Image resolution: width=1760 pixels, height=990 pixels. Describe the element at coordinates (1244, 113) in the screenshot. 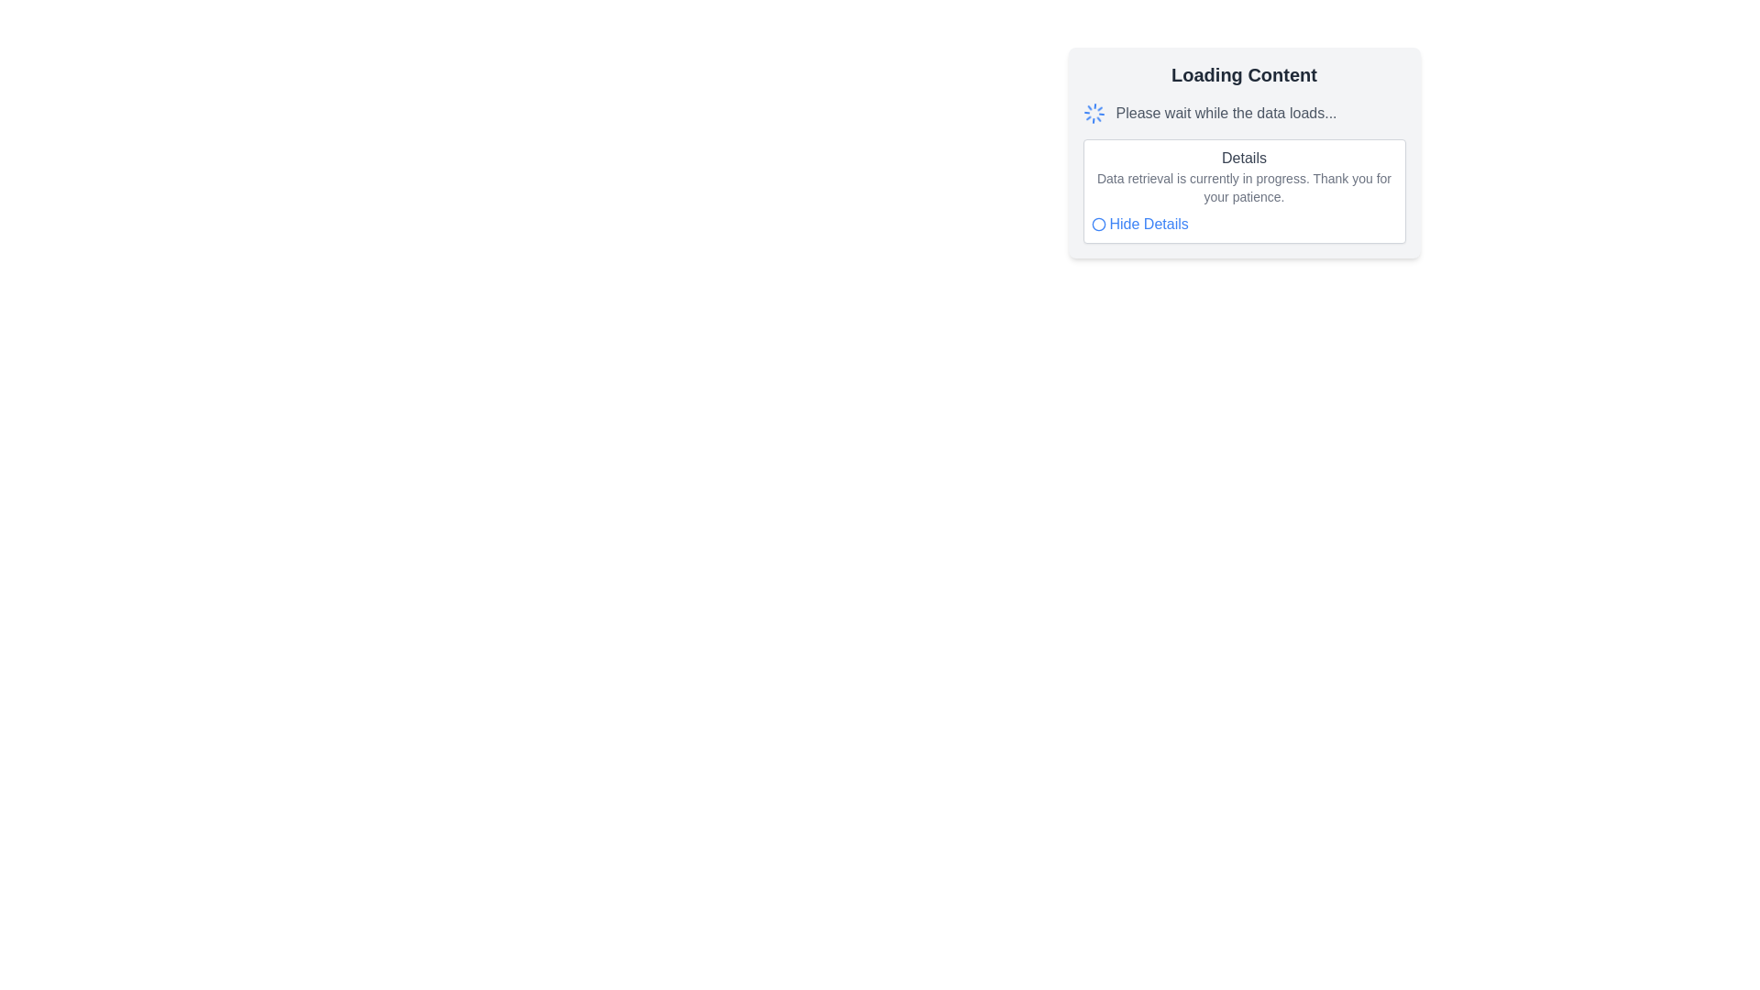

I see `the informative text with spinner icon located below the title 'Loading Content'` at that location.